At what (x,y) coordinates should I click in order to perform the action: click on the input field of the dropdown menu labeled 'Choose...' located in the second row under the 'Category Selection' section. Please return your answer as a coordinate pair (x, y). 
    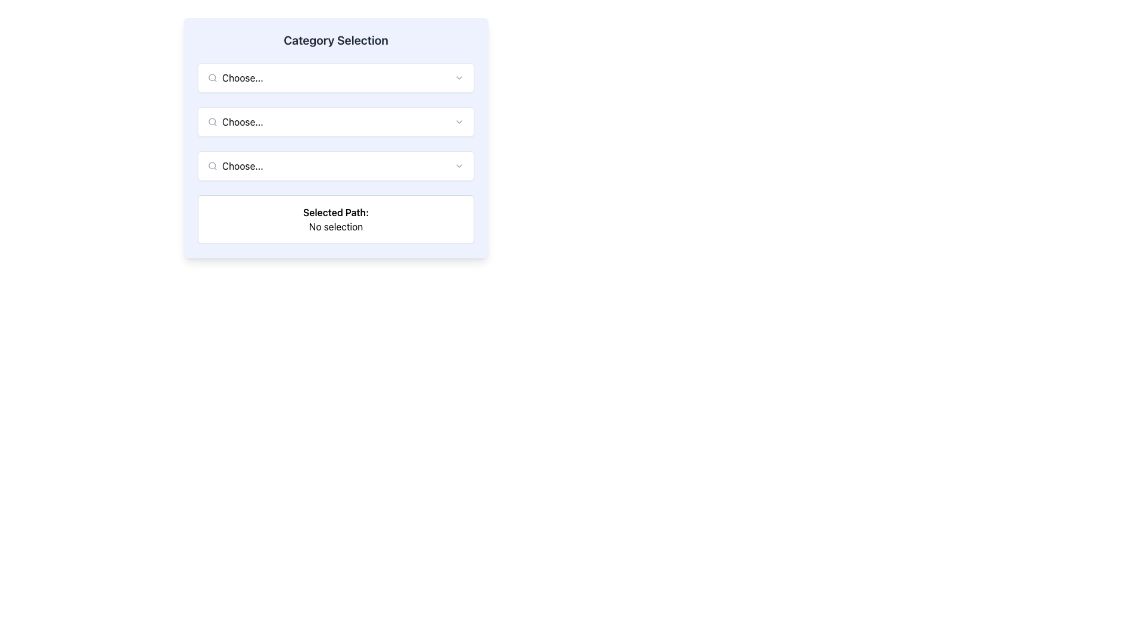
    Looking at the image, I should click on (337, 121).